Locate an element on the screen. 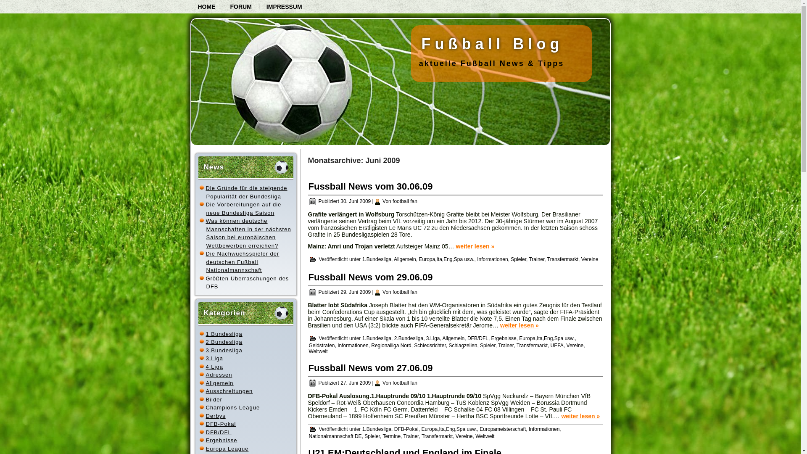 This screenshot has width=807, height=454. 'Nationalmannschaft DE' is located at coordinates (334, 436).